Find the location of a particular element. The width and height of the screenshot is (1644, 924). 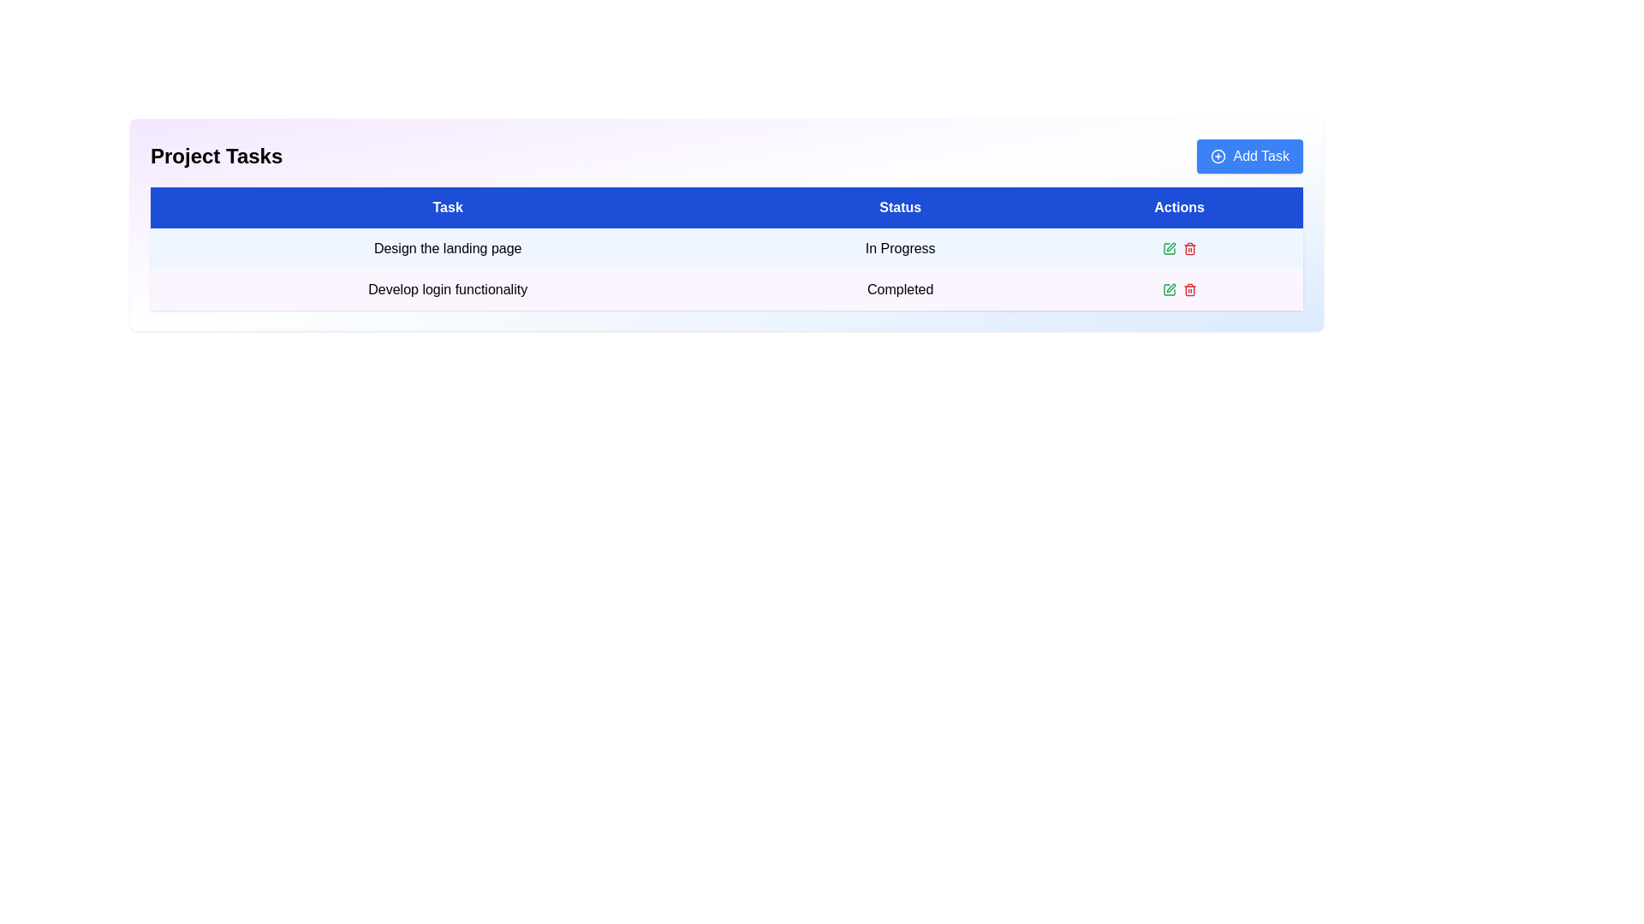

the bright red trash bin icon button, which is the third button in the row of action icons within the 'Actions' column of the second row of the table is located at coordinates (1188, 248).